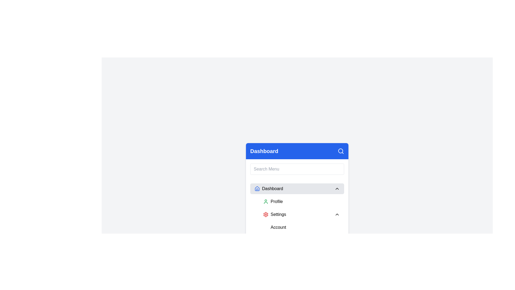 The image size is (515, 290). I want to click on the 'Profile' button in the dropdown menu under the 'Dashboard' section, so click(273, 202).